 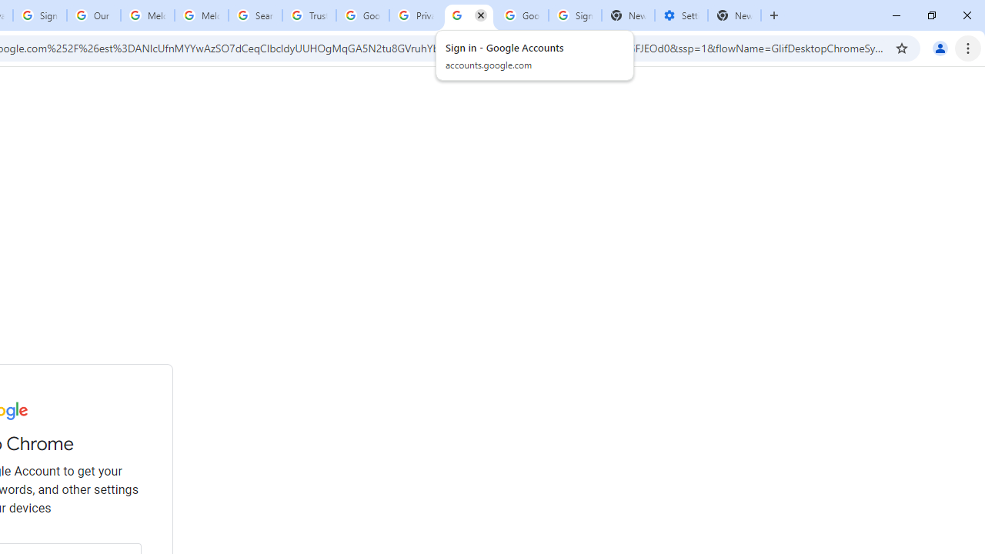 What do you see at coordinates (522, 15) in the screenshot?
I see `'Google Cybersecurity Innovations - Google Safety Center'` at bounding box center [522, 15].